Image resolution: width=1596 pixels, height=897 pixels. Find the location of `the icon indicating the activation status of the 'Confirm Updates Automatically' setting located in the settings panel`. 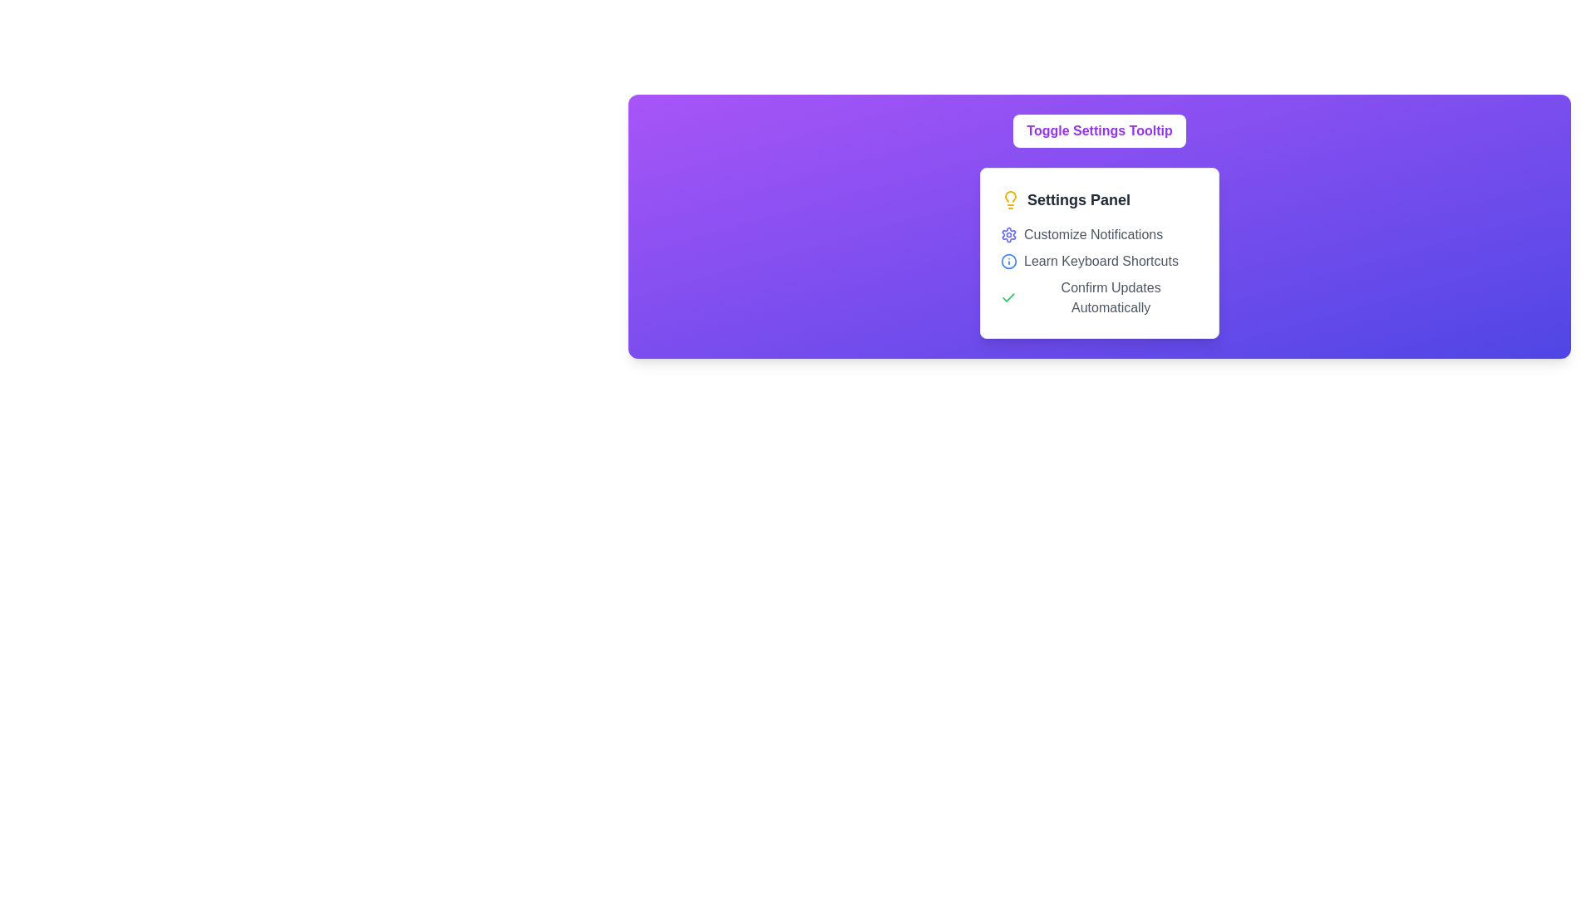

the icon indicating the activation status of the 'Confirm Updates Automatically' setting located in the settings panel is located at coordinates (1007, 297).